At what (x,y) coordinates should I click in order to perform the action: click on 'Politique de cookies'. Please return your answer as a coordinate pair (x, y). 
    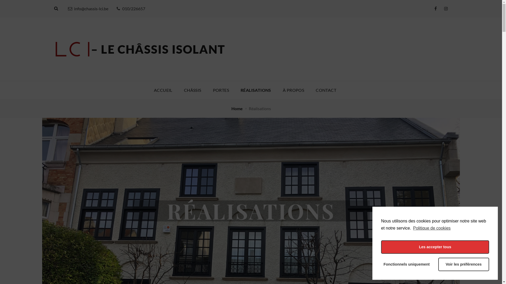
    Looking at the image, I should click on (431, 228).